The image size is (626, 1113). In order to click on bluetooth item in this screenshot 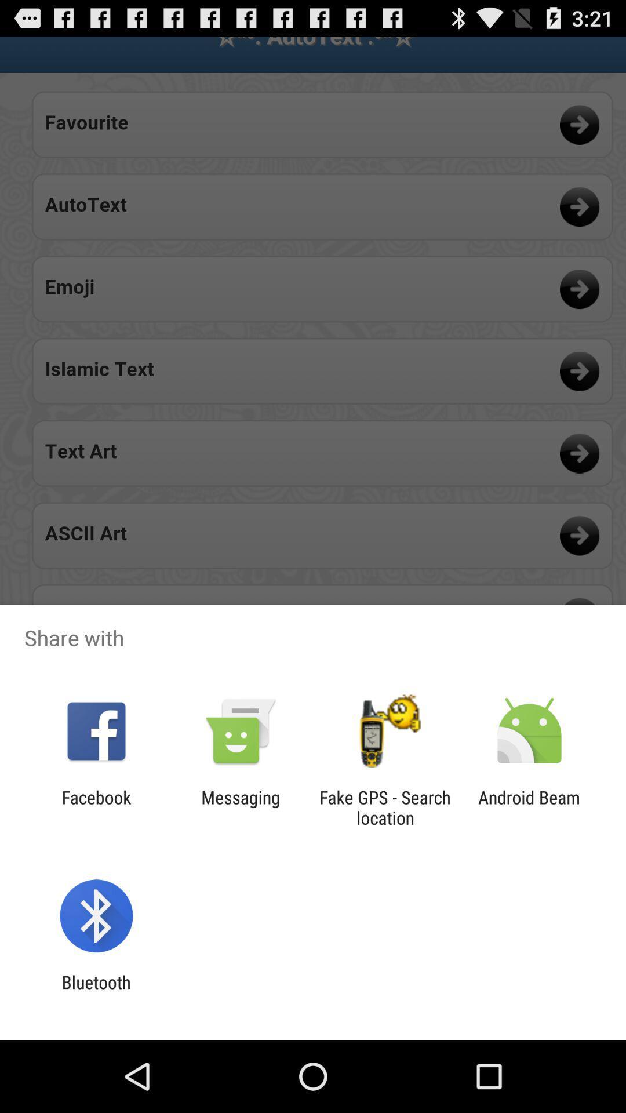, I will do `click(96, 992)`.